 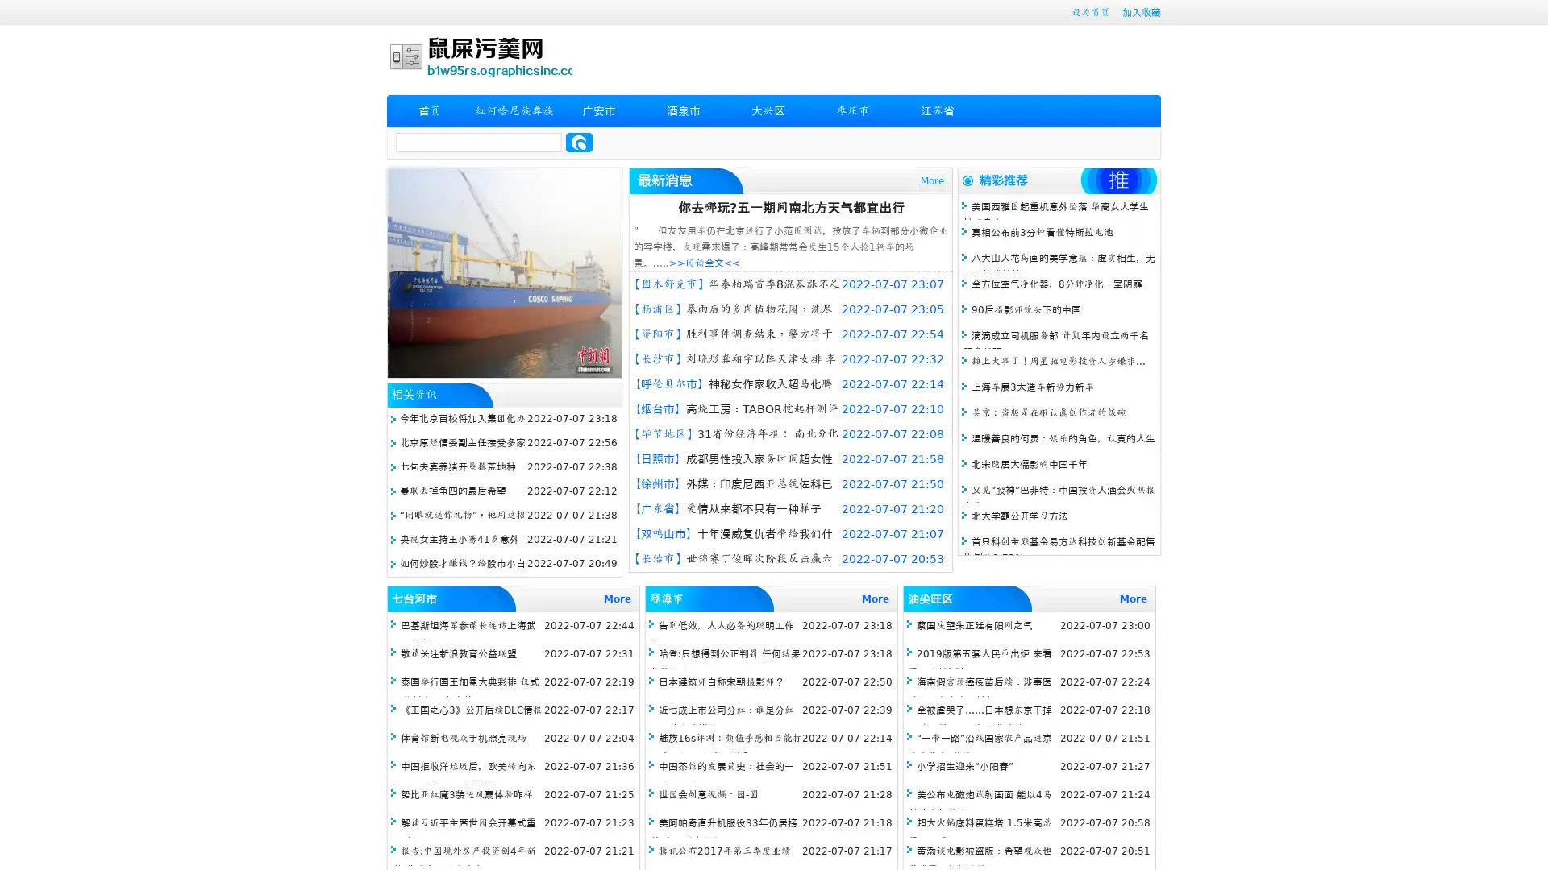 I want to click on Search, so click(x=579, y=142).